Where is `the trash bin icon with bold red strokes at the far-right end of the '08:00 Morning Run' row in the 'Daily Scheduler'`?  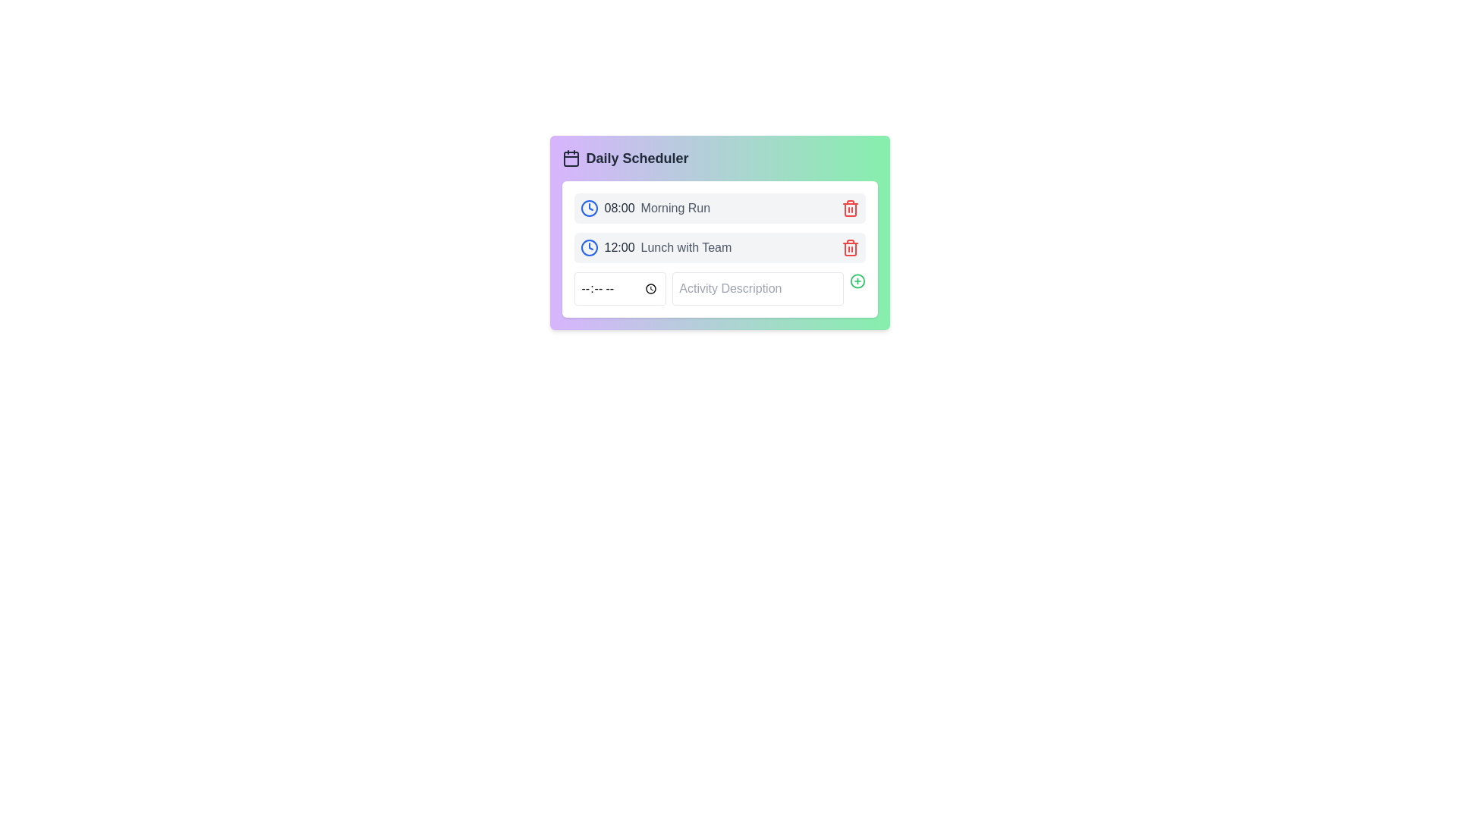 the trash bin icon with bold red strokes at the far-right end of the '08:00 Morning Run' row in the 'Daily Scheduler' is located at coordinates (850, 208).